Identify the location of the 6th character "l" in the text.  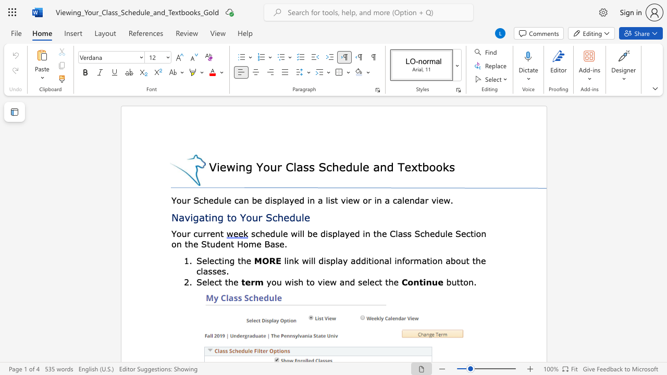
(446, 233).